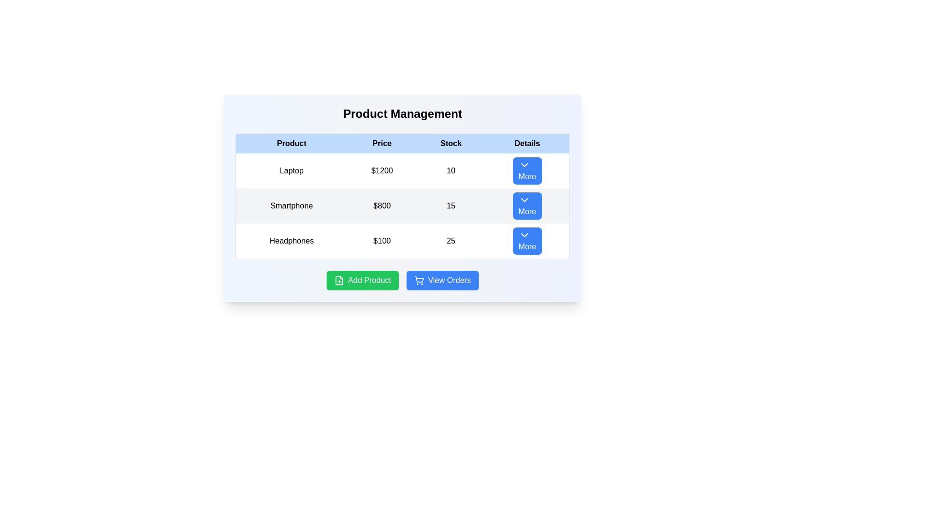 This screenshot has height=526, width=936. Describe the element at coordinates (526, 206) in the screenshot. I see `the button in the 'Details' column of the second row` at that location.